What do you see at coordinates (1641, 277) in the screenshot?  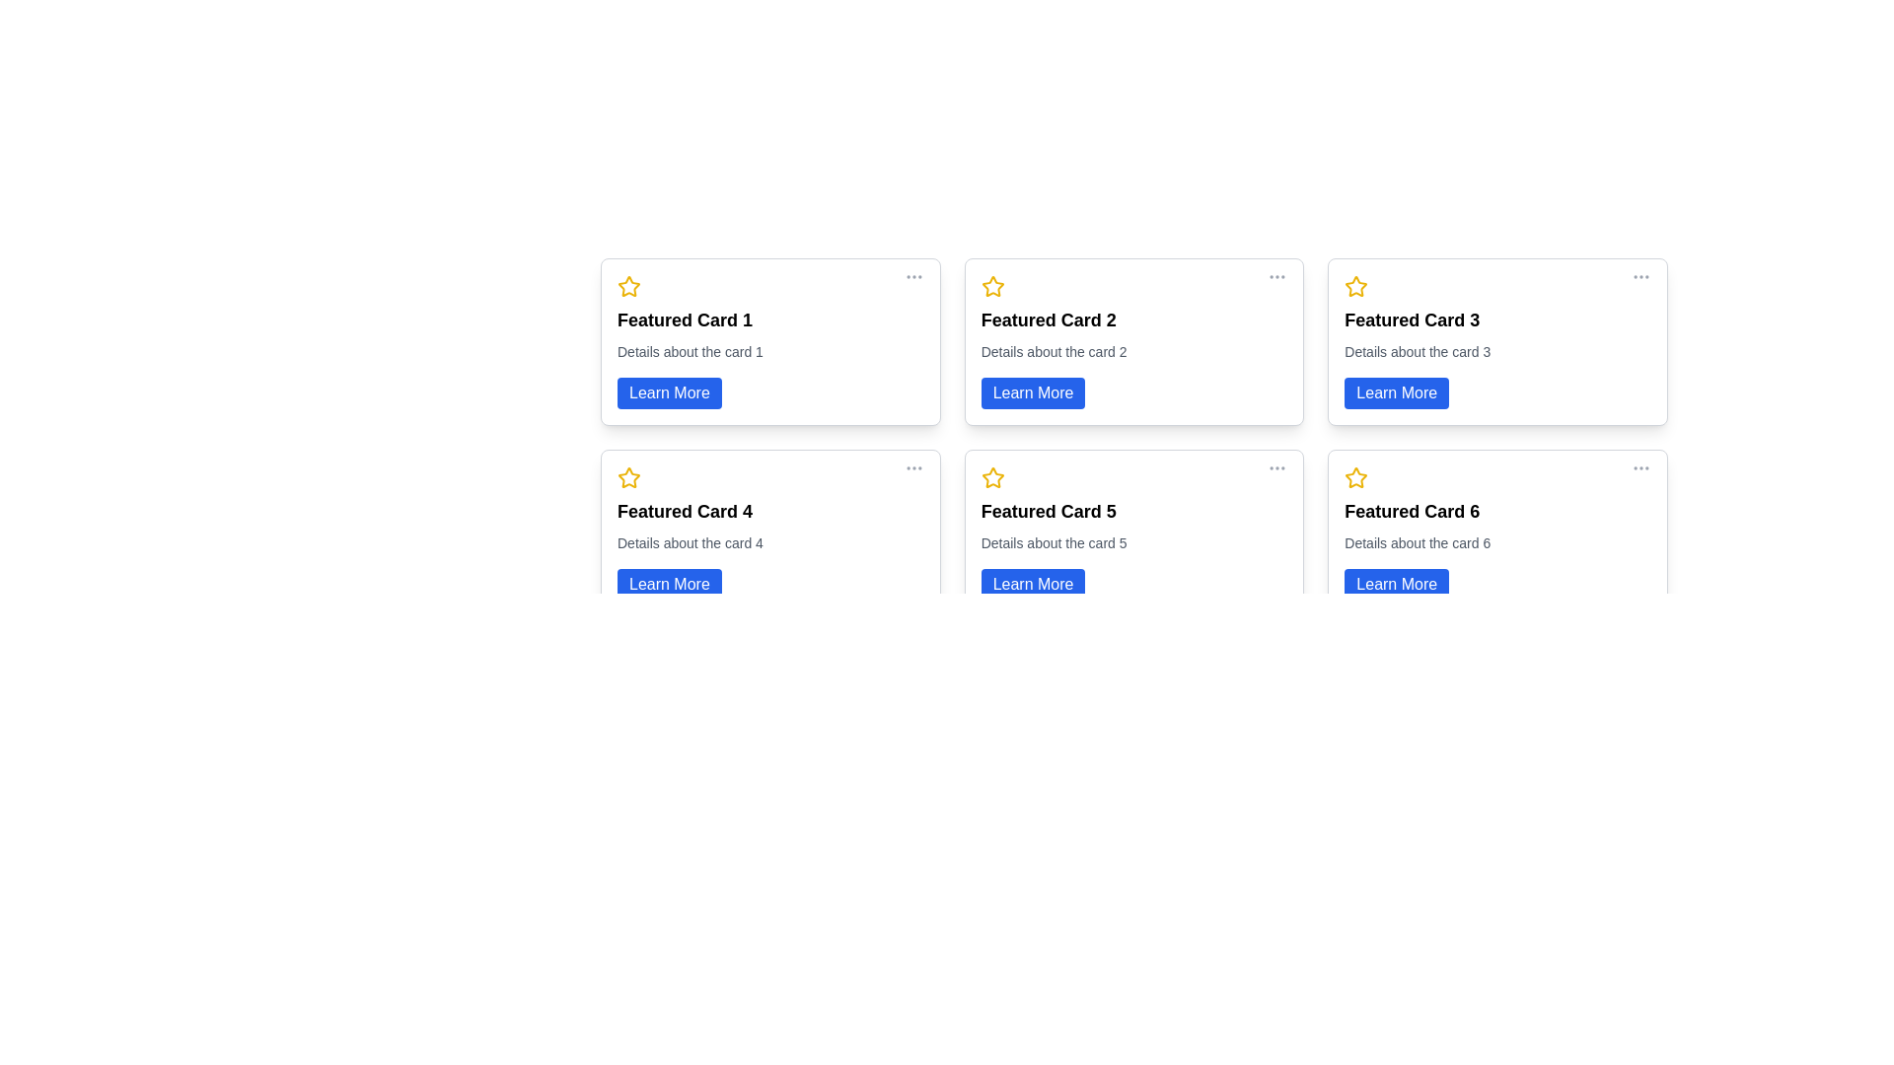 I see `the menu button located in the top-right corner of the 'Featured Card 3'` at bounding box center [1641, 277].